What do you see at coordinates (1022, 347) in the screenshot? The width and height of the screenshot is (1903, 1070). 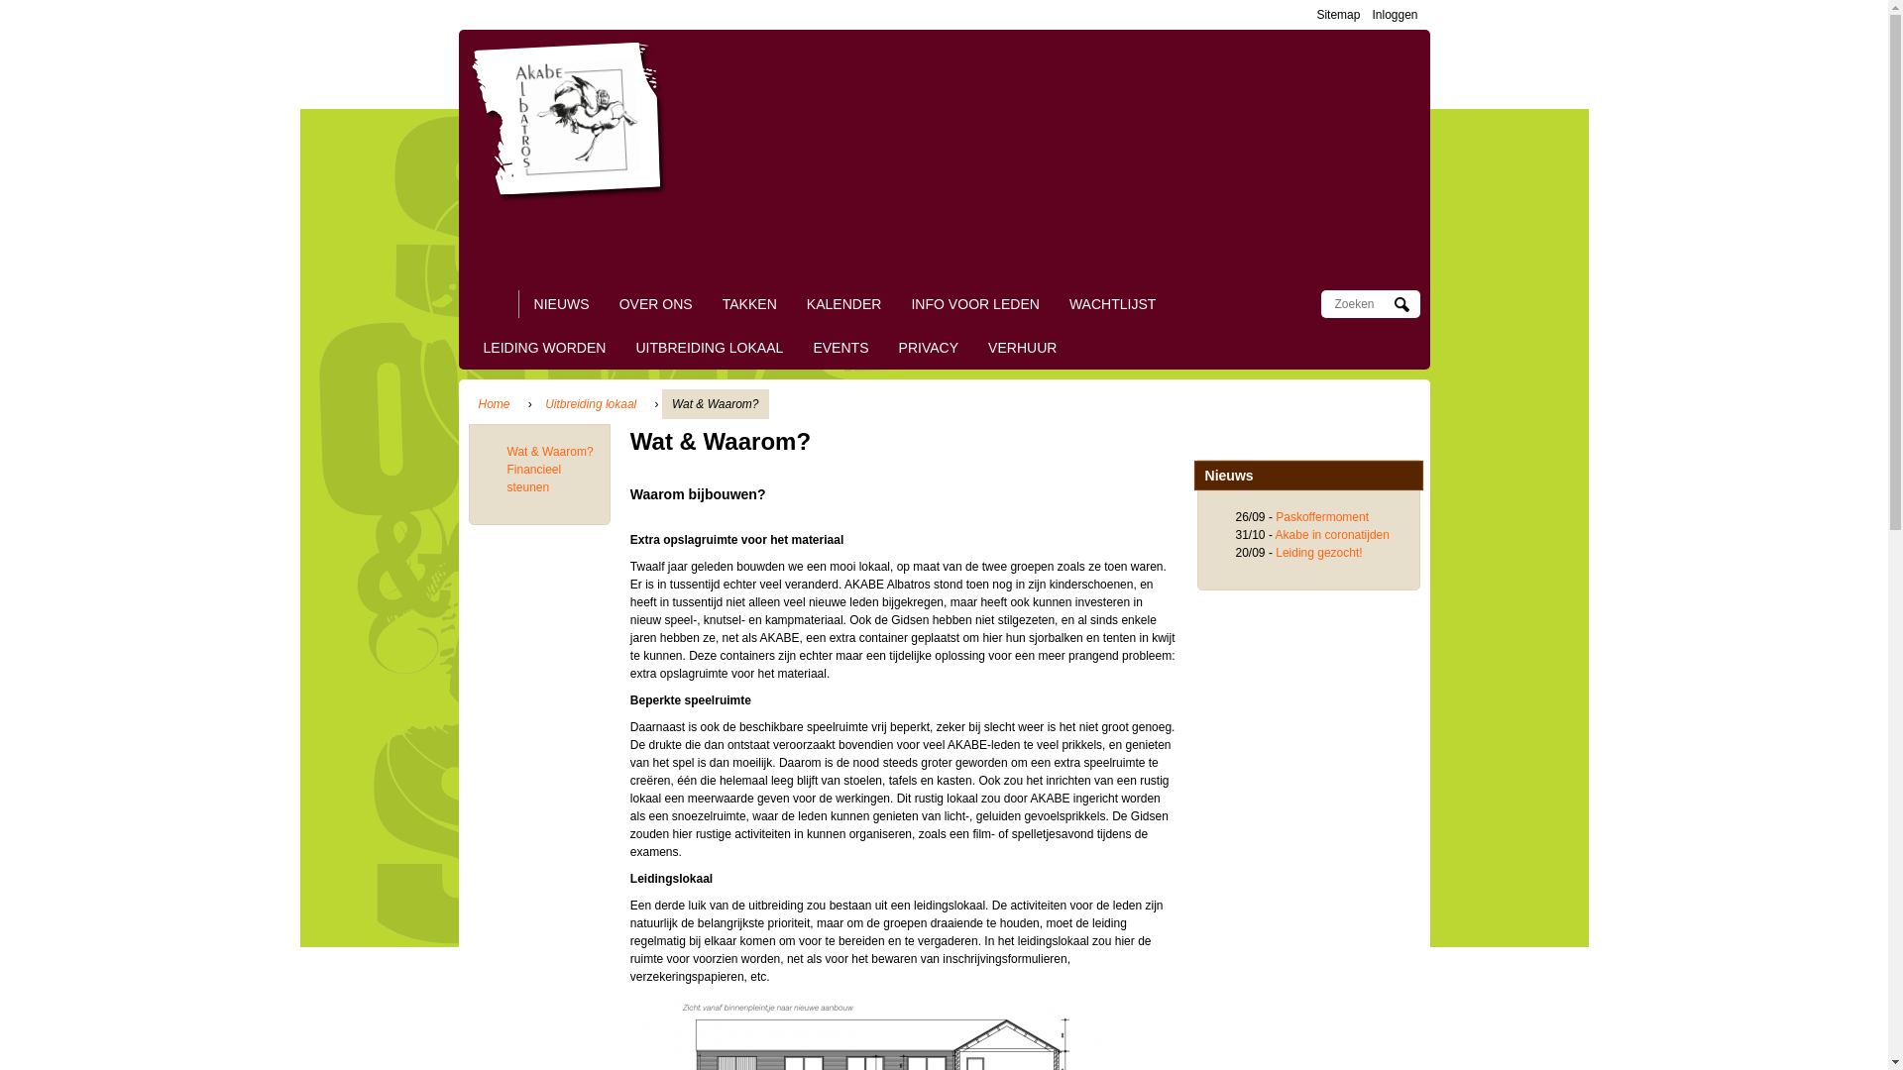 I see `'VERHUUR'` at bounding box center [1022, 347].